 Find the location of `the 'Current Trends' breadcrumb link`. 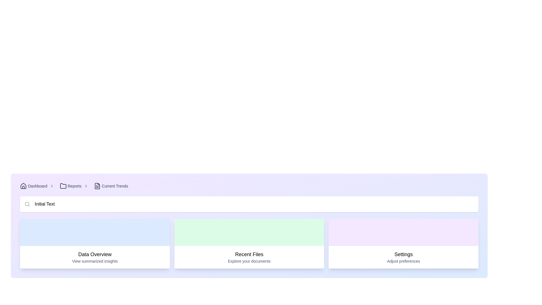

the 'Current Trends' breadcrumb link is located at coordinates (111, 186).